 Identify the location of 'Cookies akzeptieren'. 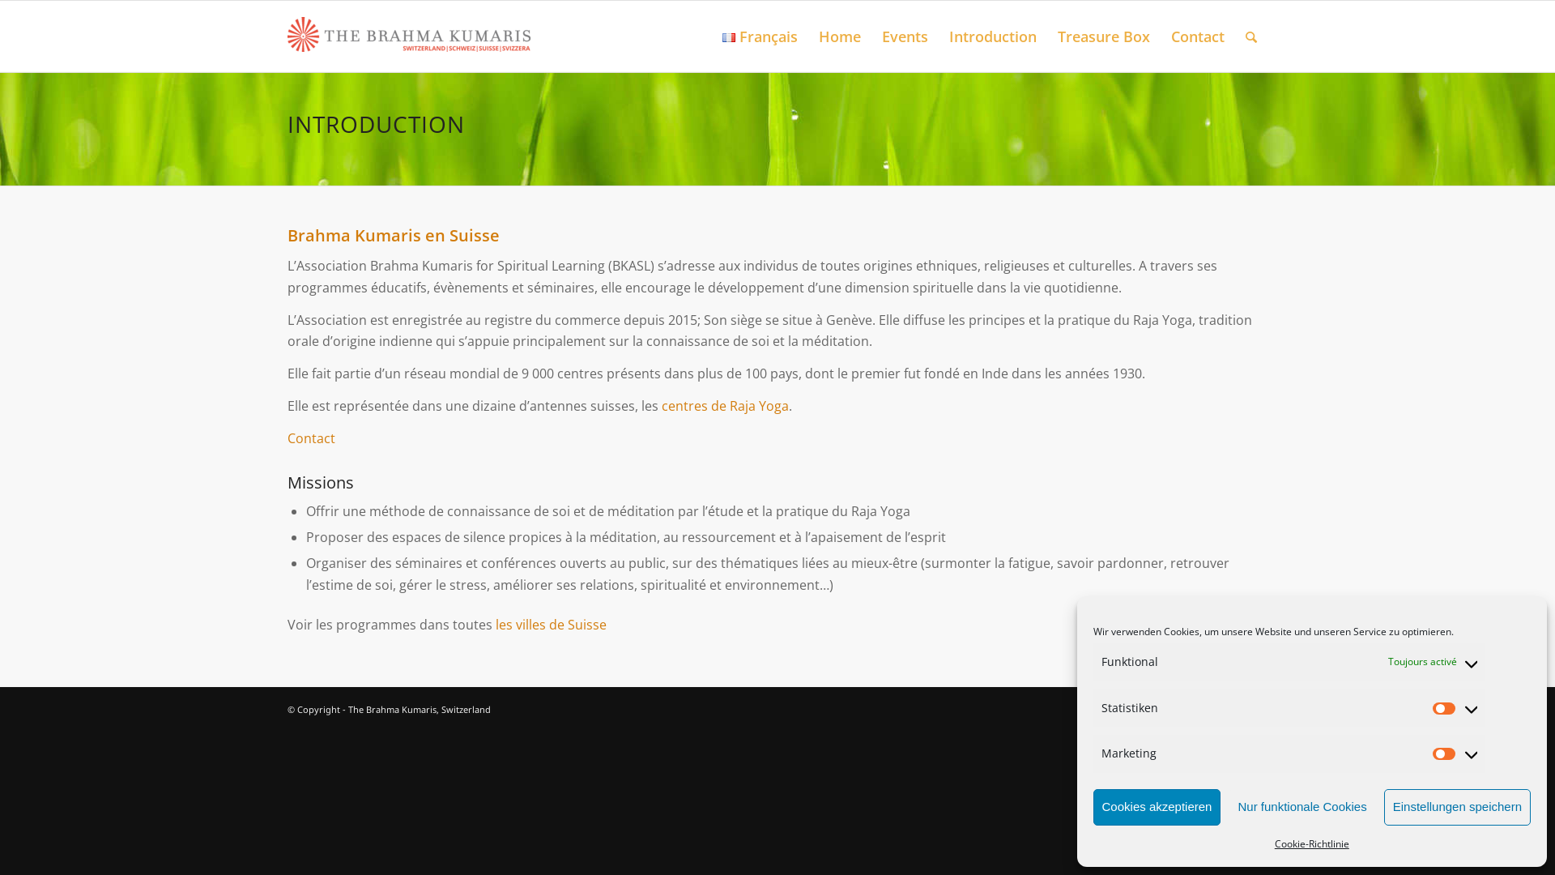
(1157, 807).